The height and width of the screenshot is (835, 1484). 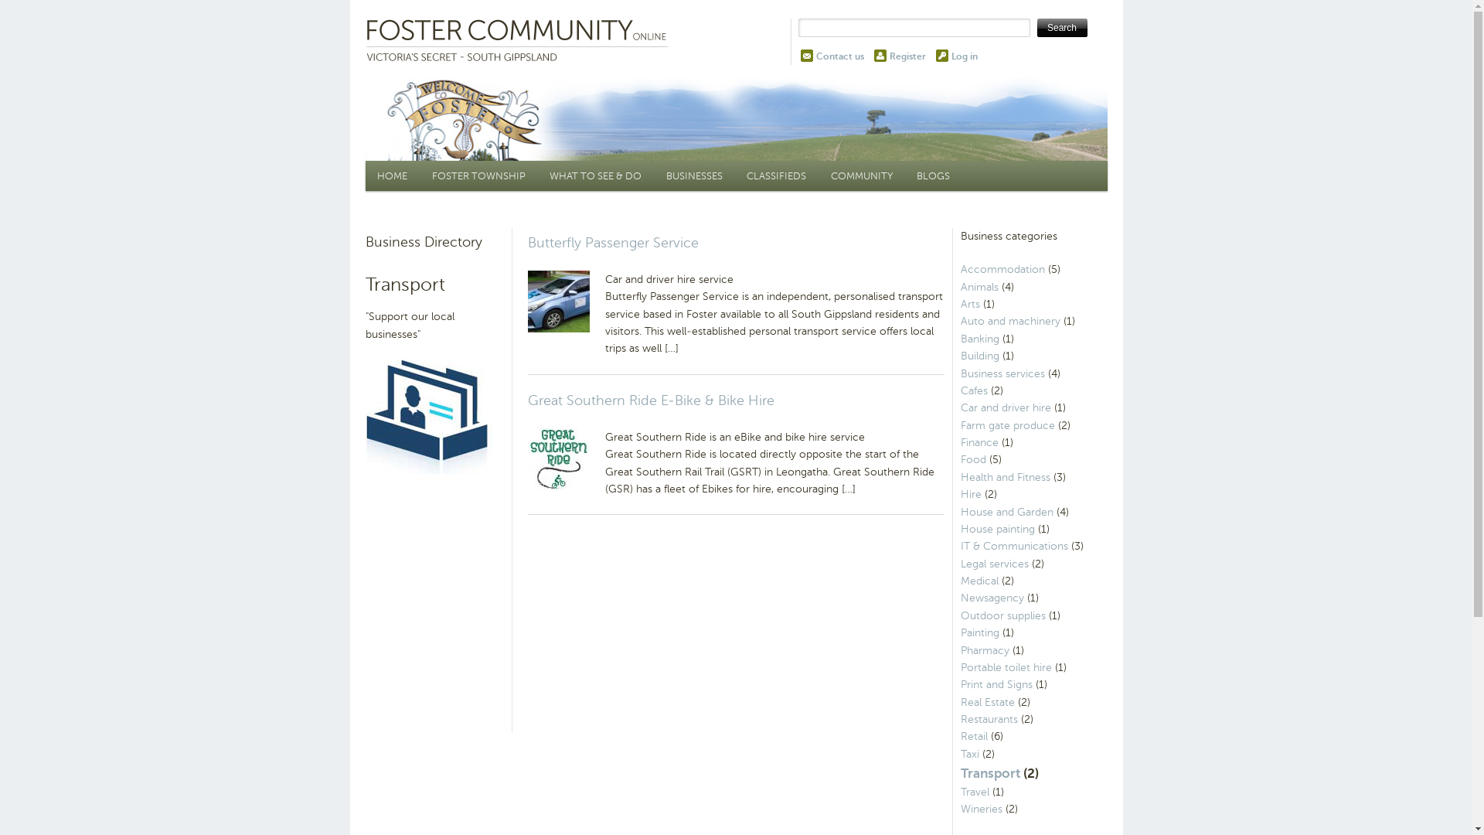 I want to click on 'Painting', so click(x=979, y=632).